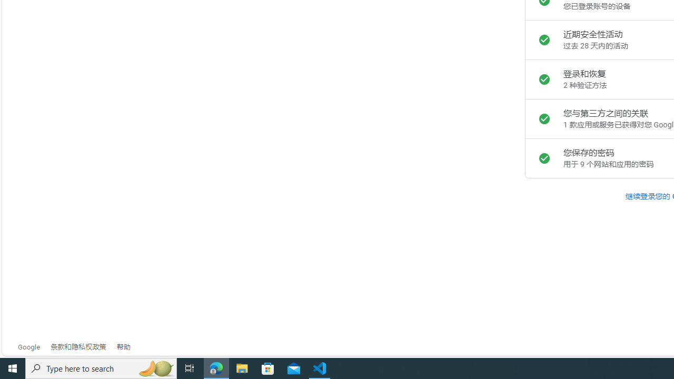  I want to click on 'Task View', so click(189, 367).